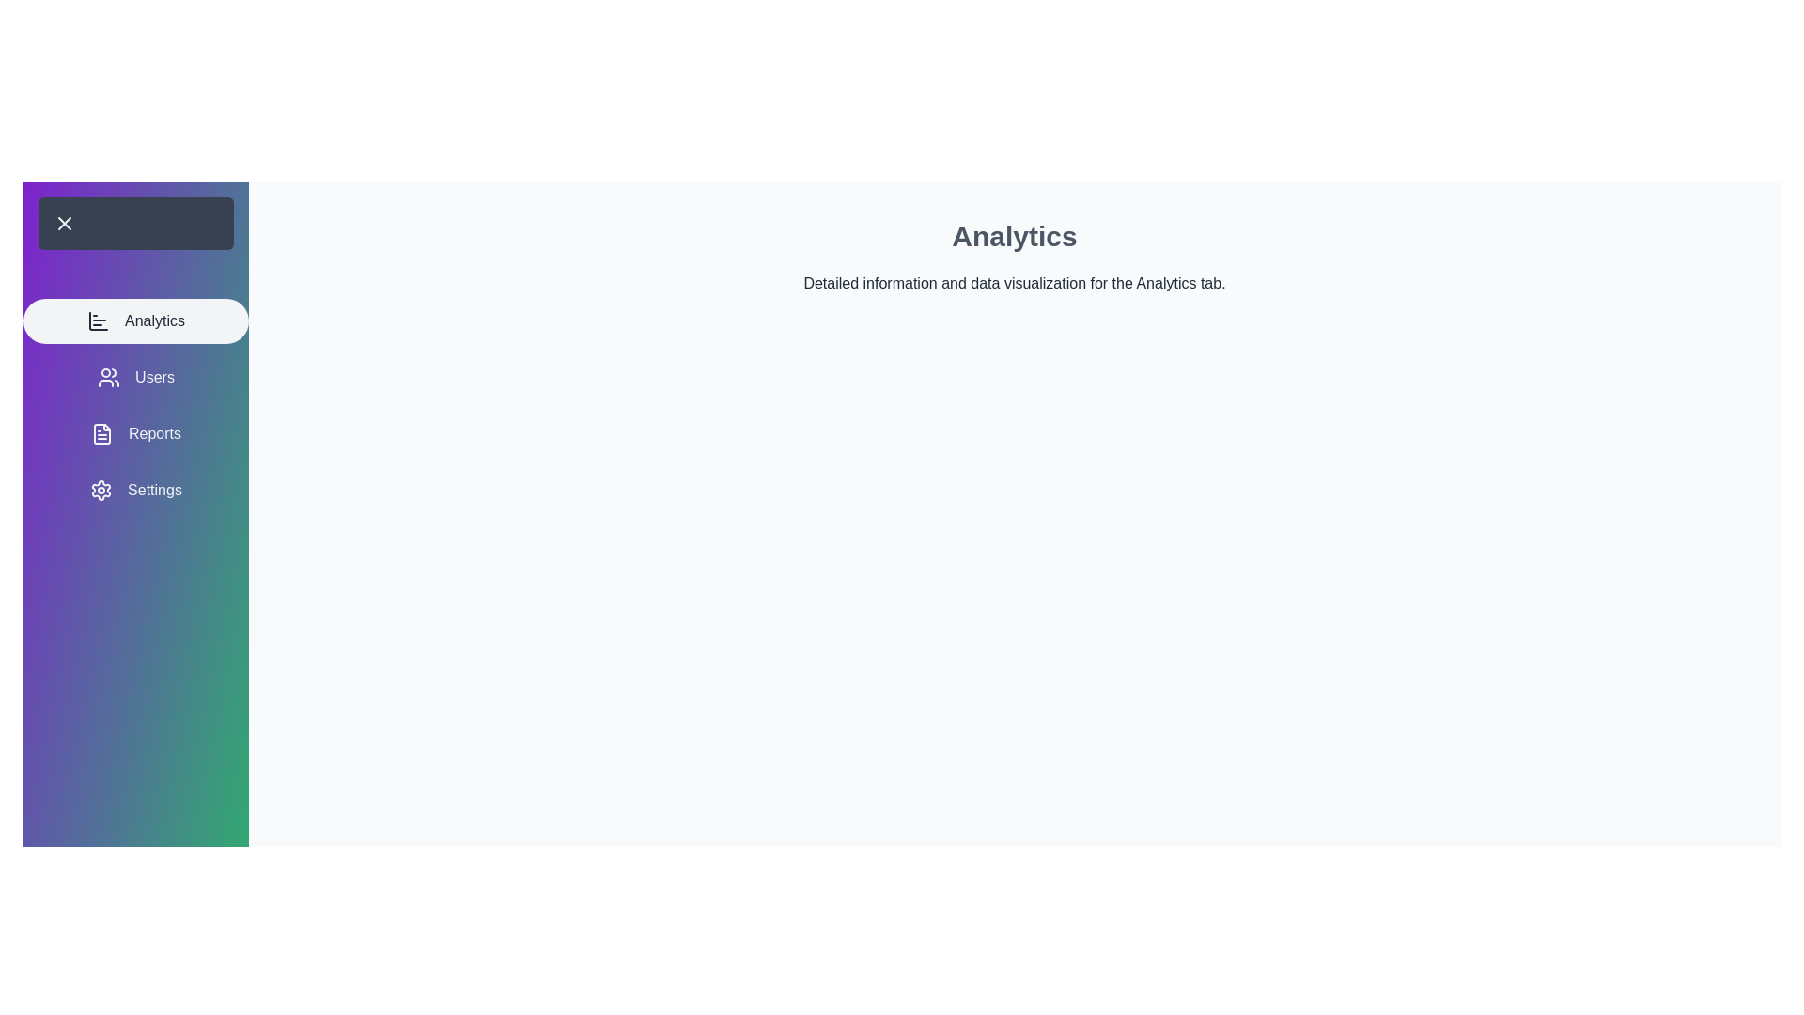 This screenshot has height=1015, width=1804. Describe the element at coordinates (134, 377) in the screenshot. I see `the menu option Users by clicking on it` at that location.